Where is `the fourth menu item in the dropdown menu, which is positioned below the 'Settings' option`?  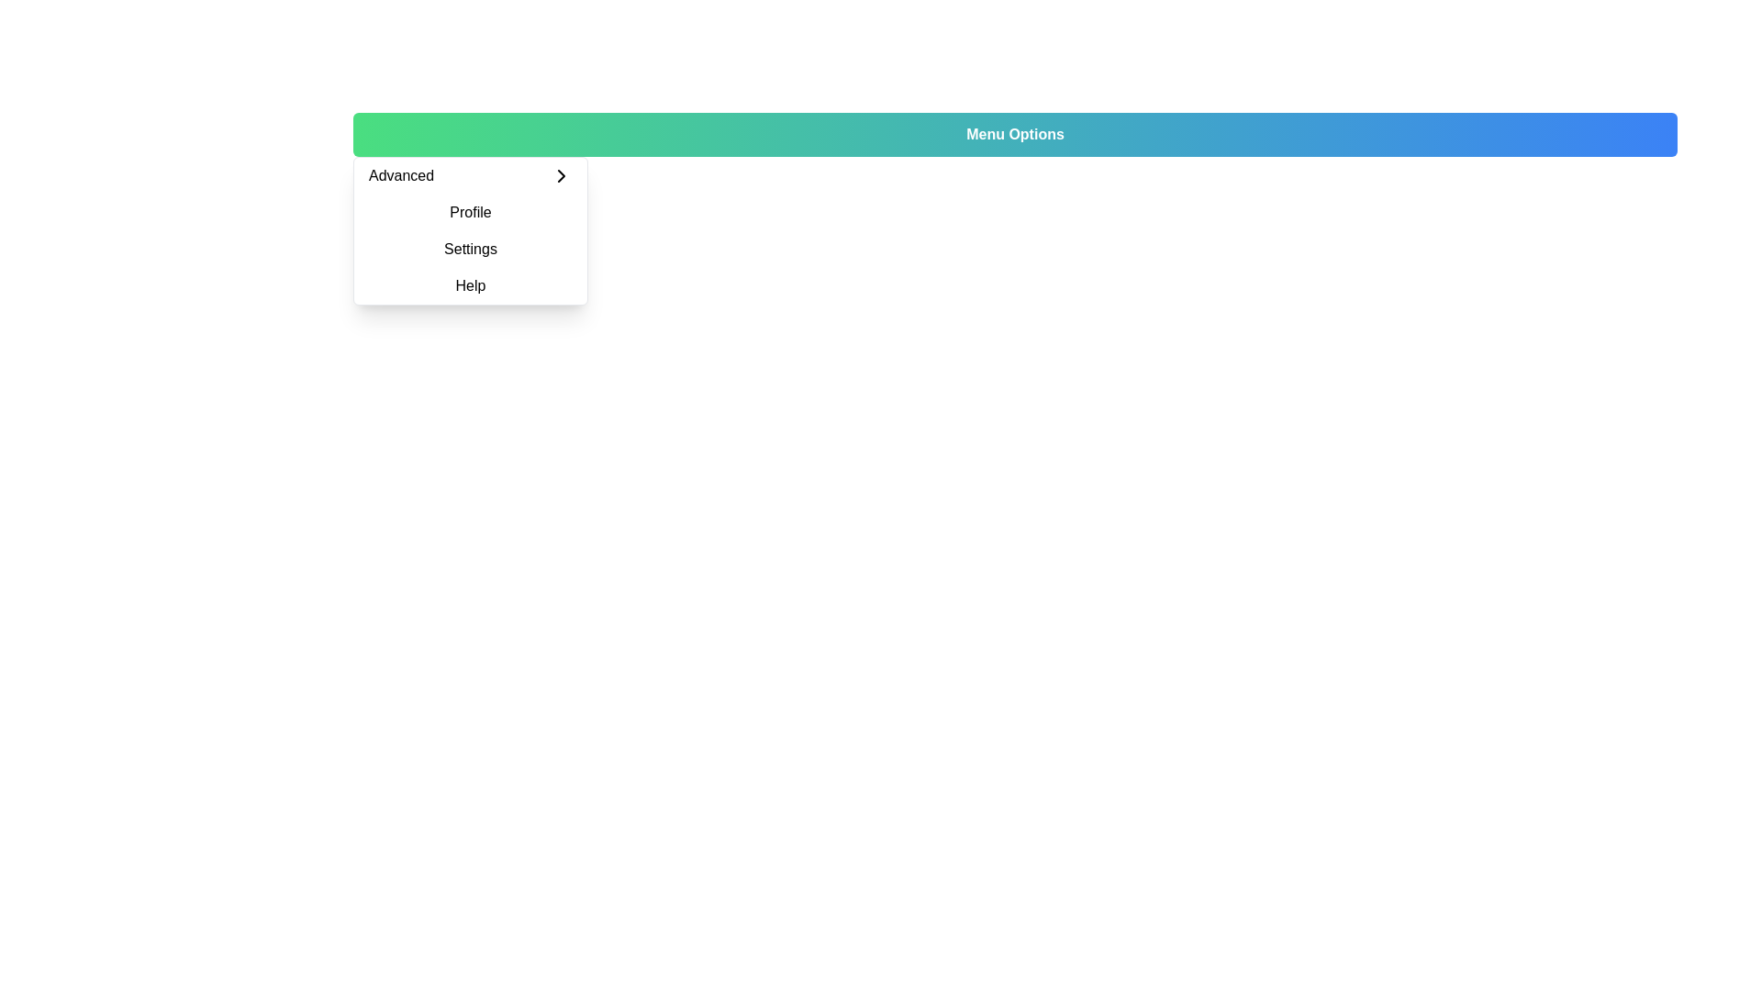
the fourth menu item in the dropdown menu, which is positioned below the 'Settings' option is located at coordinates (471, 286).